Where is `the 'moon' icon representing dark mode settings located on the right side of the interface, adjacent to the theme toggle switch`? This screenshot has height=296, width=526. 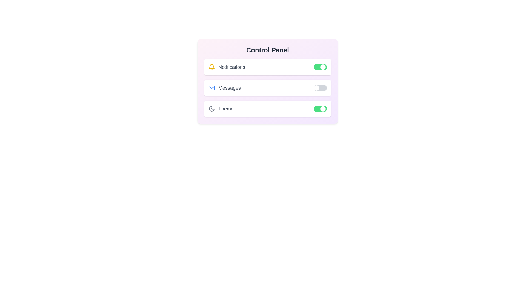 the 'moon' icon representing dark mode settings located on the right side of the interface, adjacent to the theme toggle switch is located at coordinates (211, 109).